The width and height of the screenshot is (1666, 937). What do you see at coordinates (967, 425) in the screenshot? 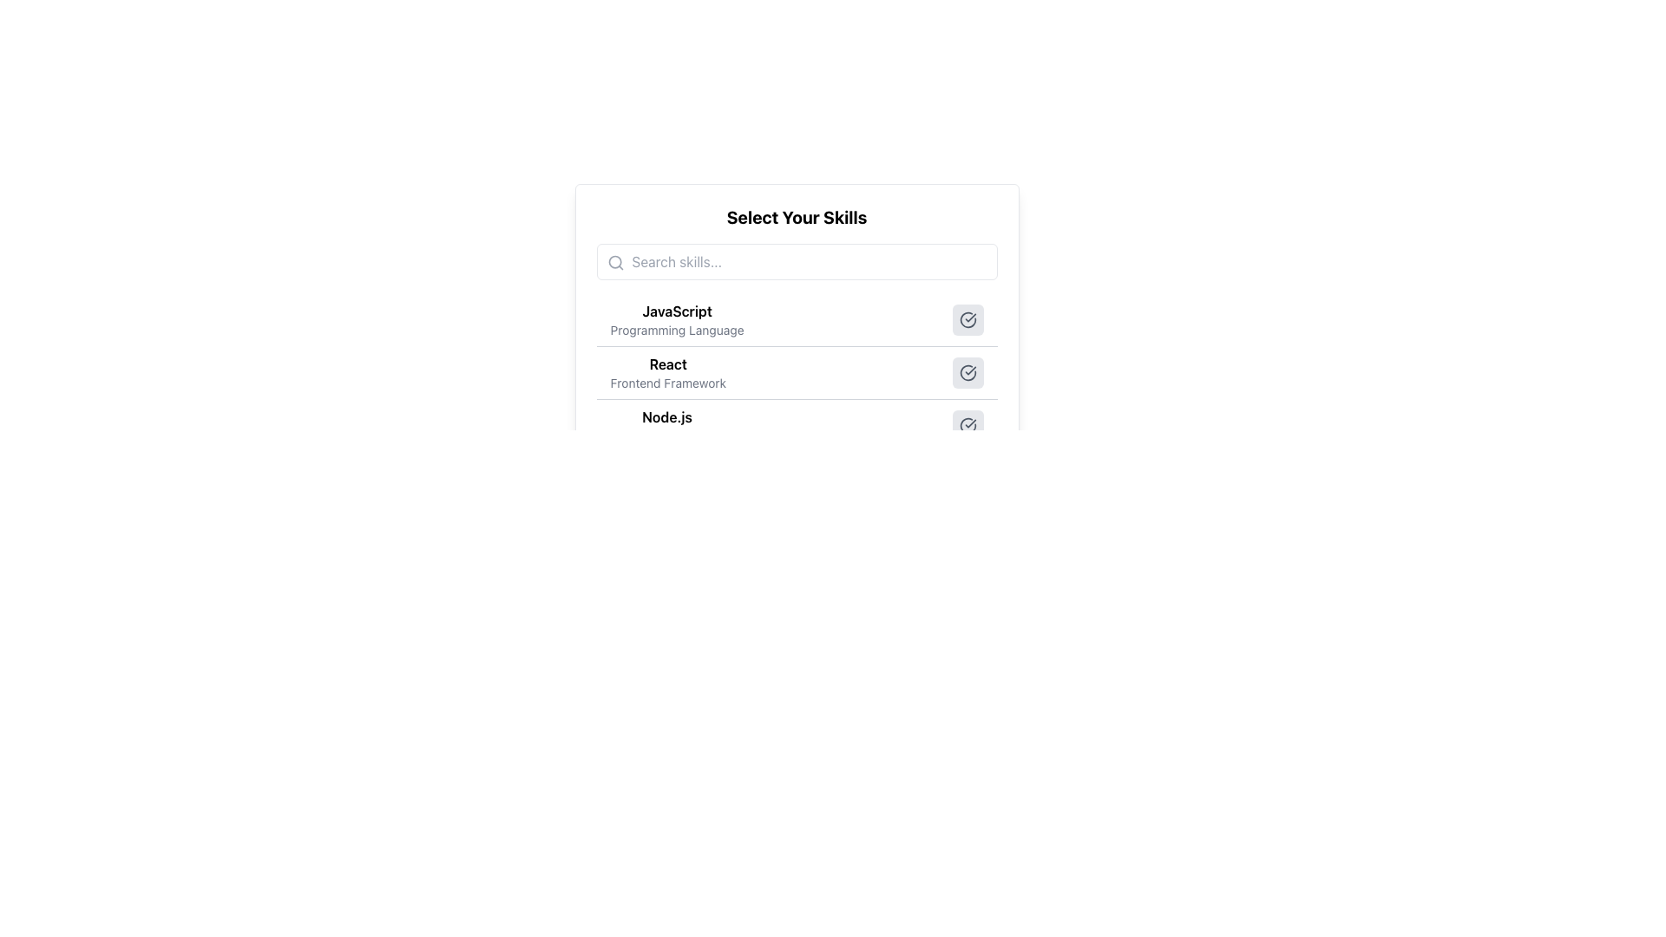
I see `the rightmost icon of the 'Node.js' row` at bounding box center [967, 425].